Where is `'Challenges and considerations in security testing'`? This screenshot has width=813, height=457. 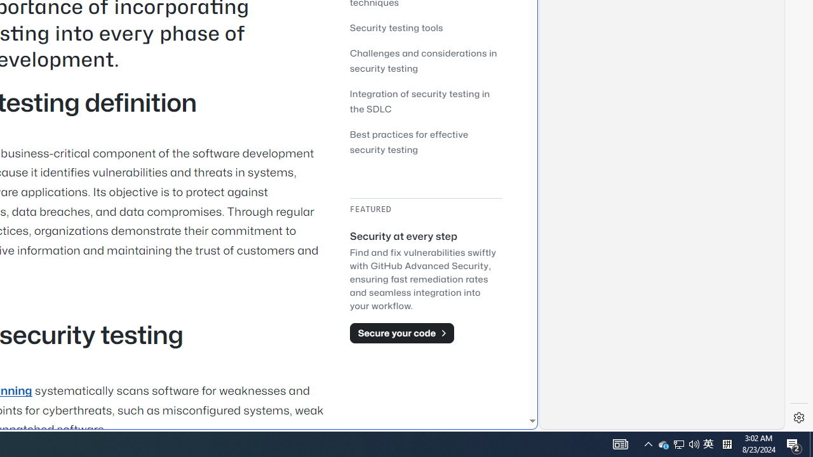 'Challenges and considerations in security testing' is located at coordinates (423, 60).